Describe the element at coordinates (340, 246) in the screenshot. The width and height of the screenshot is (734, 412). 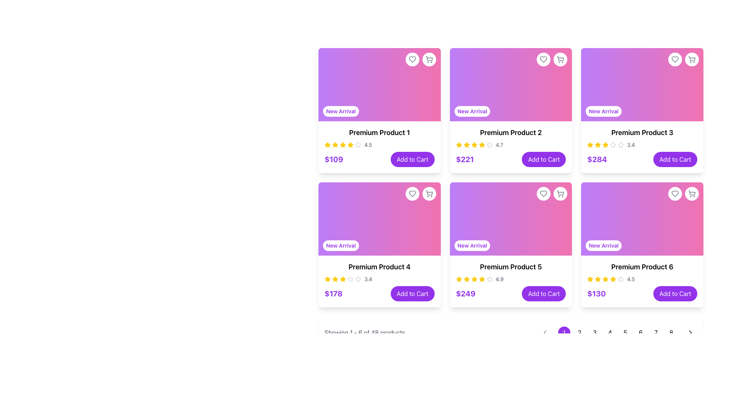
I see `the label indicating a newly added product located at the bottom-left corner of the fourth card component in the grid layout` at that location.